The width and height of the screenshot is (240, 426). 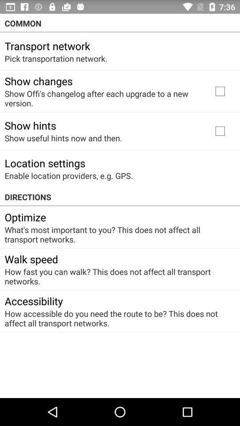 I want to click on app below the accessibility app, so click(x=117, y=318).